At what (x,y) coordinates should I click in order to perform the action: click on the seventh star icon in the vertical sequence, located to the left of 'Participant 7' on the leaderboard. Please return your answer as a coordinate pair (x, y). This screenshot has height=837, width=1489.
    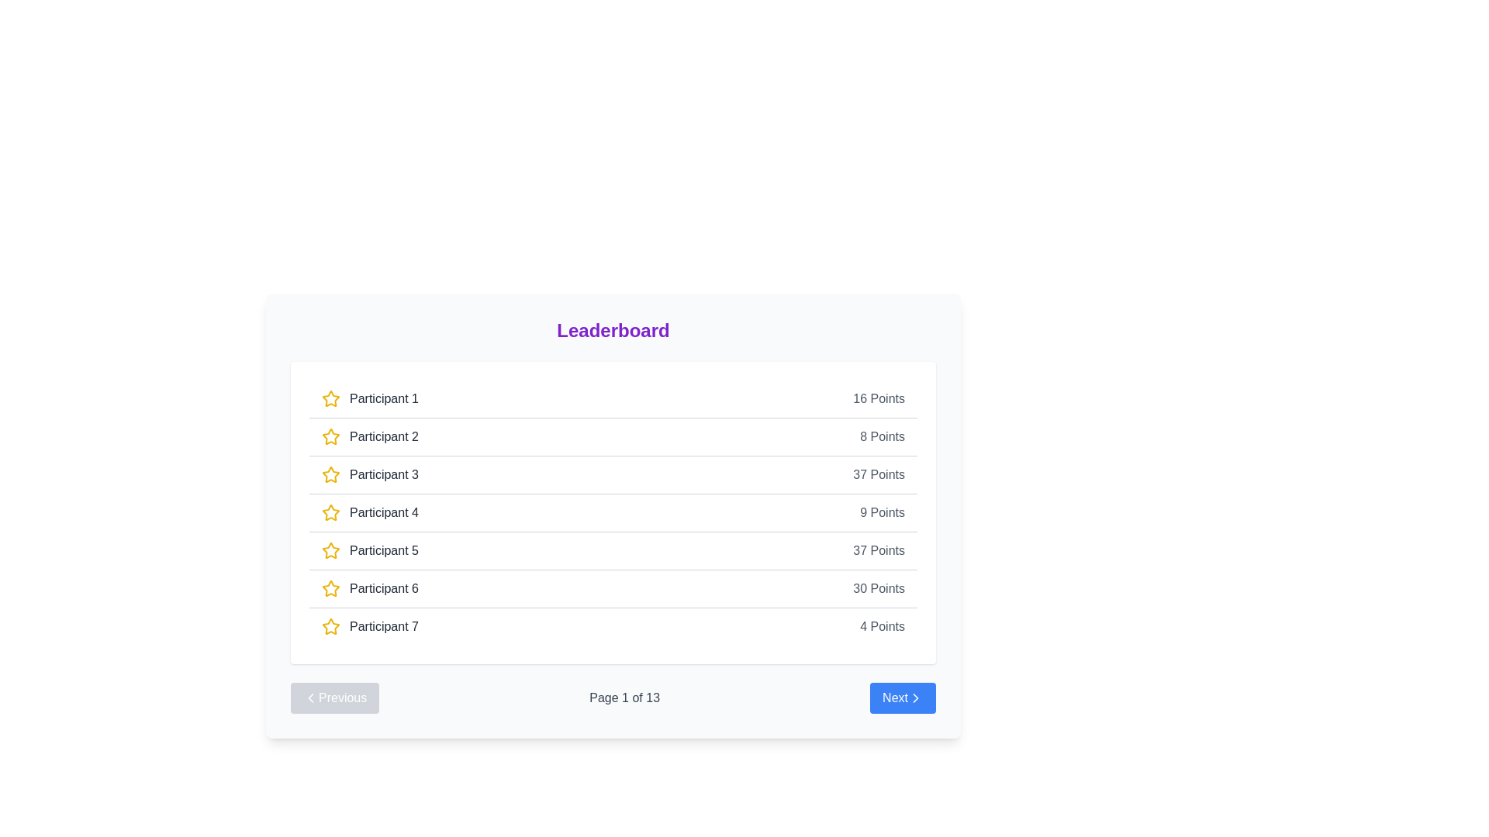
    Looking at the image, I should click on (330, 625).